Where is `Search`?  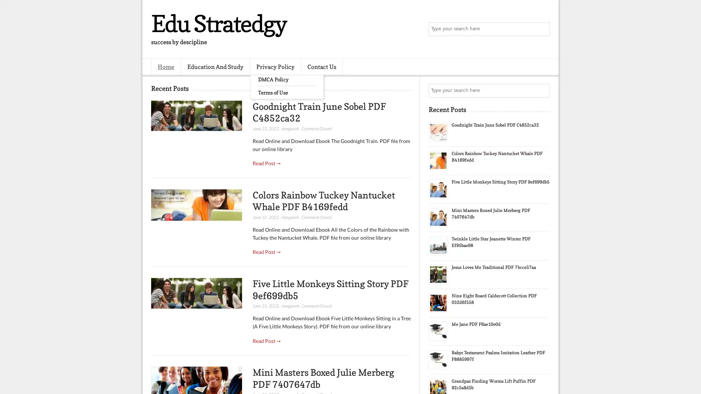
Search is located at coordinates (542, 90).